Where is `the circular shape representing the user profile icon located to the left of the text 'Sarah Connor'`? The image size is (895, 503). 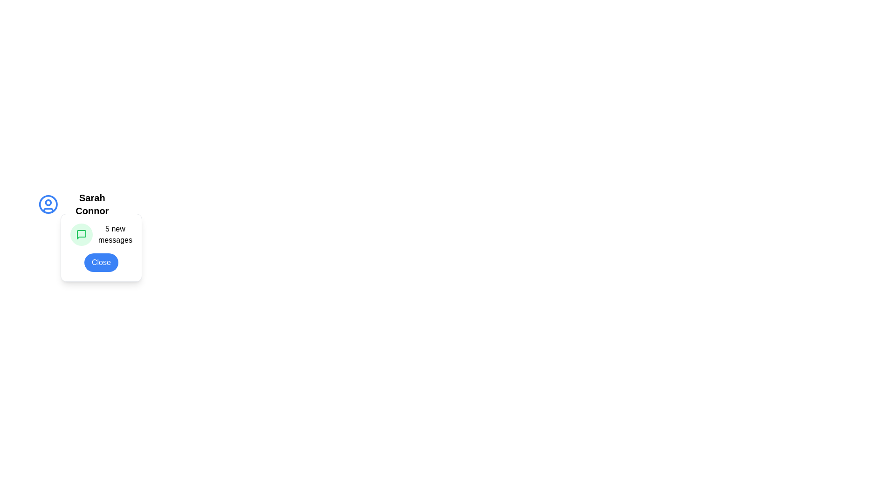
the circular shape representing the user profile icon located to the left of the text 'Sarah Connor' is located at coordinates (48, 204).